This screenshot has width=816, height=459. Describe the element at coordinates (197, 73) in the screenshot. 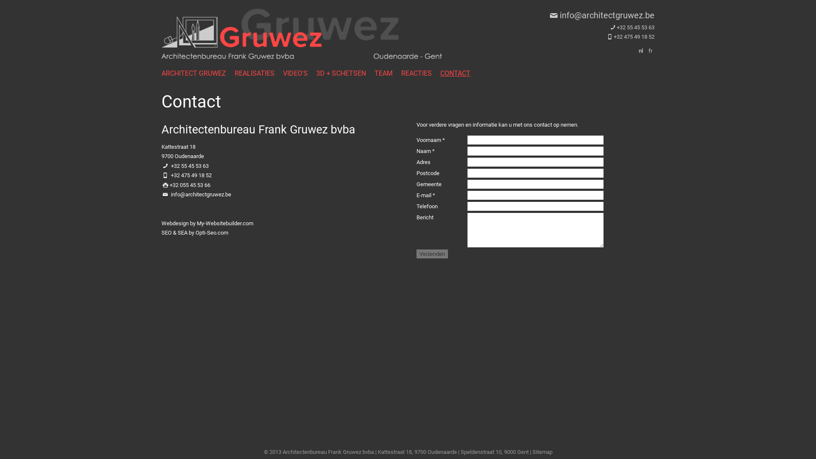

I see `'ARCHITECT GRUWEZ'` at that location.